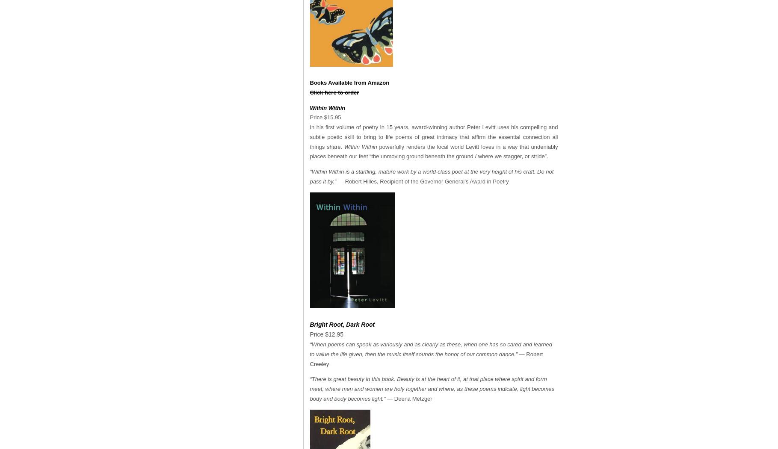 The width and height of the screenshot is (778, 449). What do you see at coordinates (309, 324) in the screenshot?
I see `'Bright Root, Dark Root'` at bounding box center [309, 324].